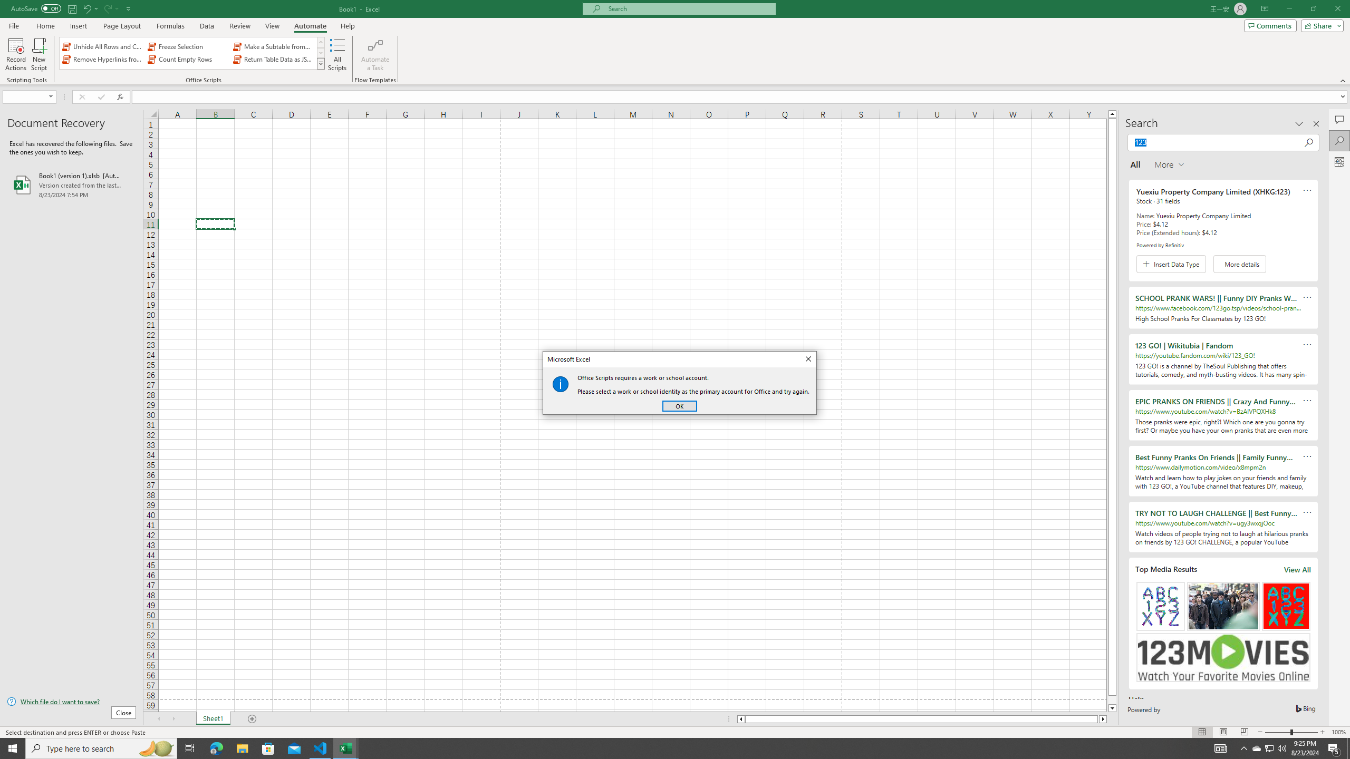 This screenshot has height=759, width=1350. What do you see at coordinates (1281, 747) in the screenshot?
I see `'Q2790: 100%'` at bounding box center [1281, 747].